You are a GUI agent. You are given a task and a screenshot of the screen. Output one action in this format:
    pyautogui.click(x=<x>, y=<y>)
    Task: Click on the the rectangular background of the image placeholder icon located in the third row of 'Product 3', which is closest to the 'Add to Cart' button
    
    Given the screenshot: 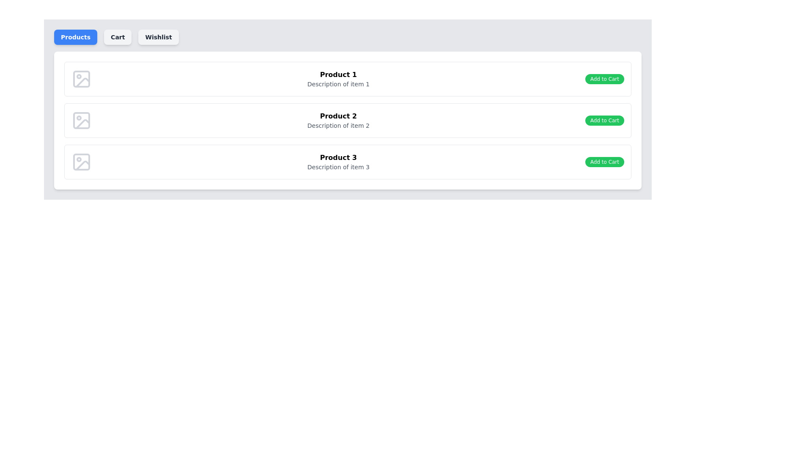 What is the action you would take?
    pyautogui.click(x=81, y=162)
    